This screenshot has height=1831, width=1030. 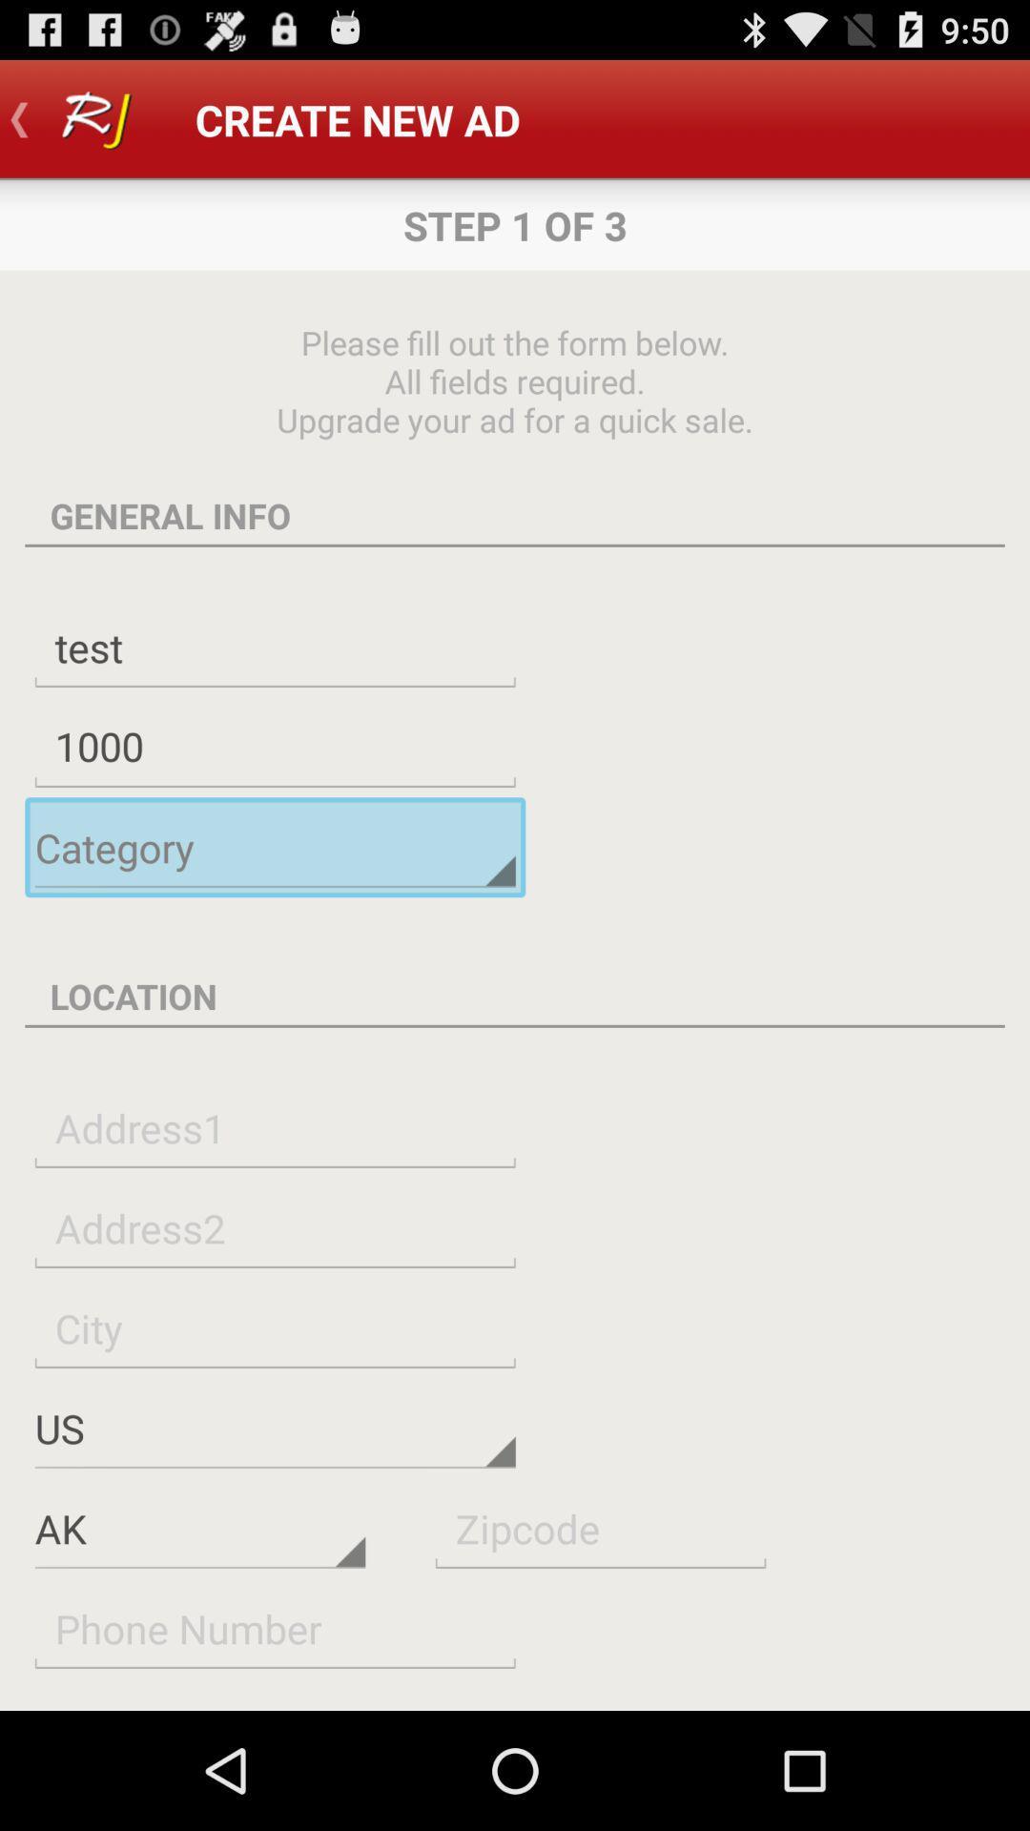 I want to click on to fill in your address, so click(x=275, y=1227).